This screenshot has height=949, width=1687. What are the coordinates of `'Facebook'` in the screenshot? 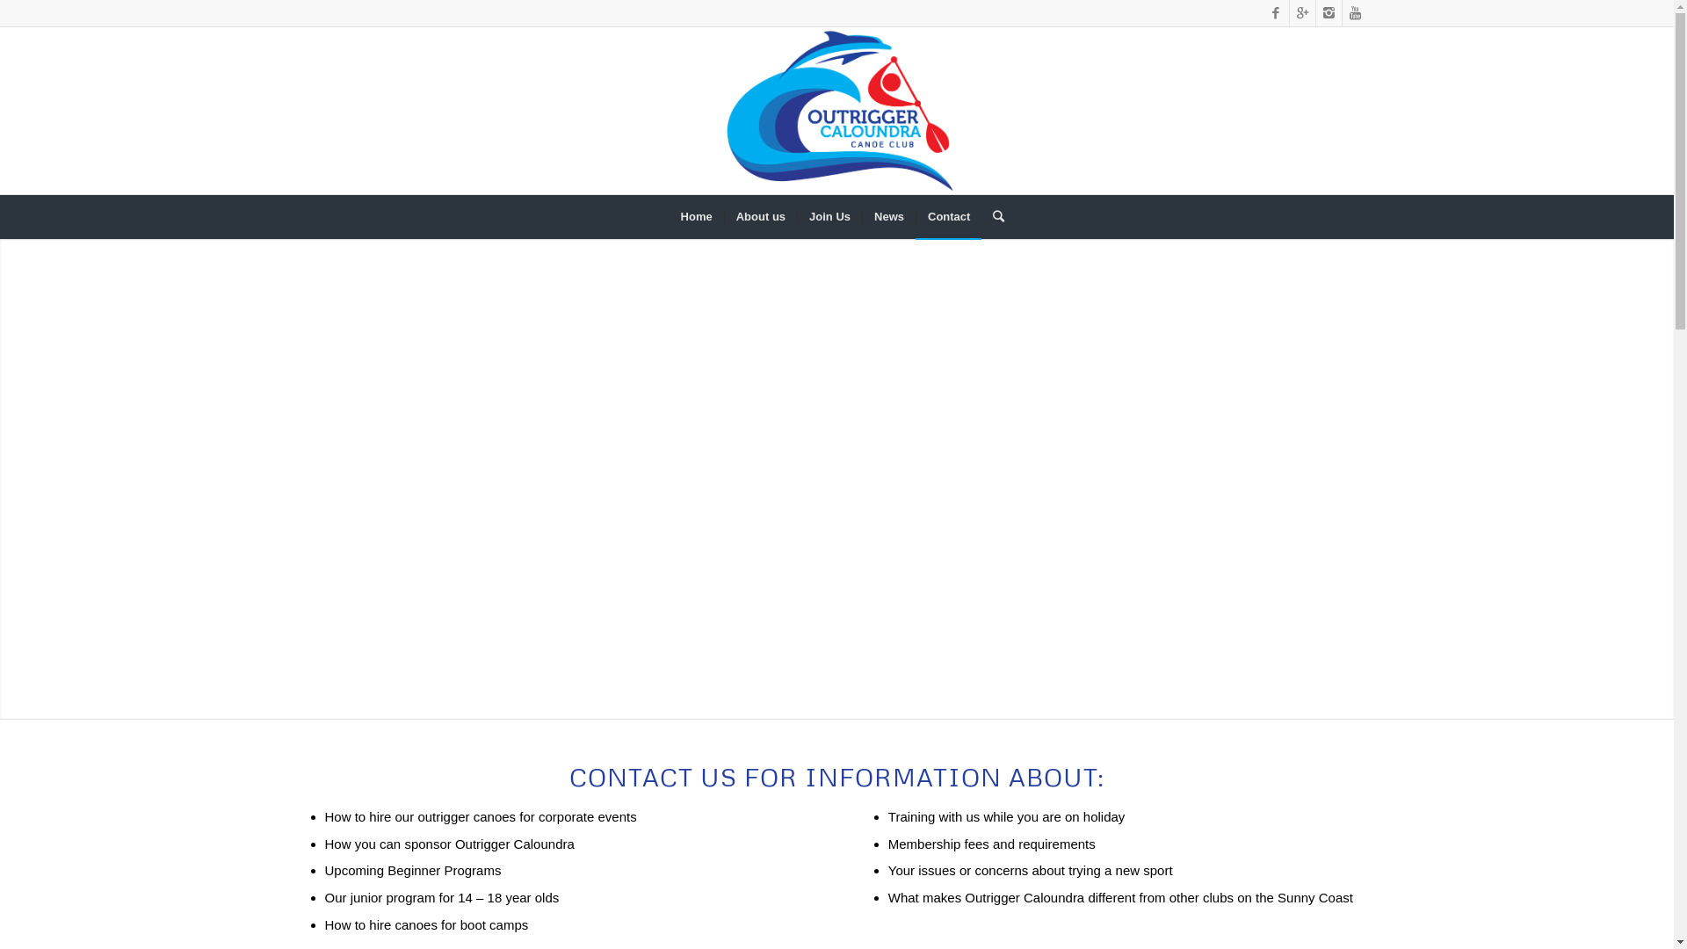 It's located at (1276, 13).